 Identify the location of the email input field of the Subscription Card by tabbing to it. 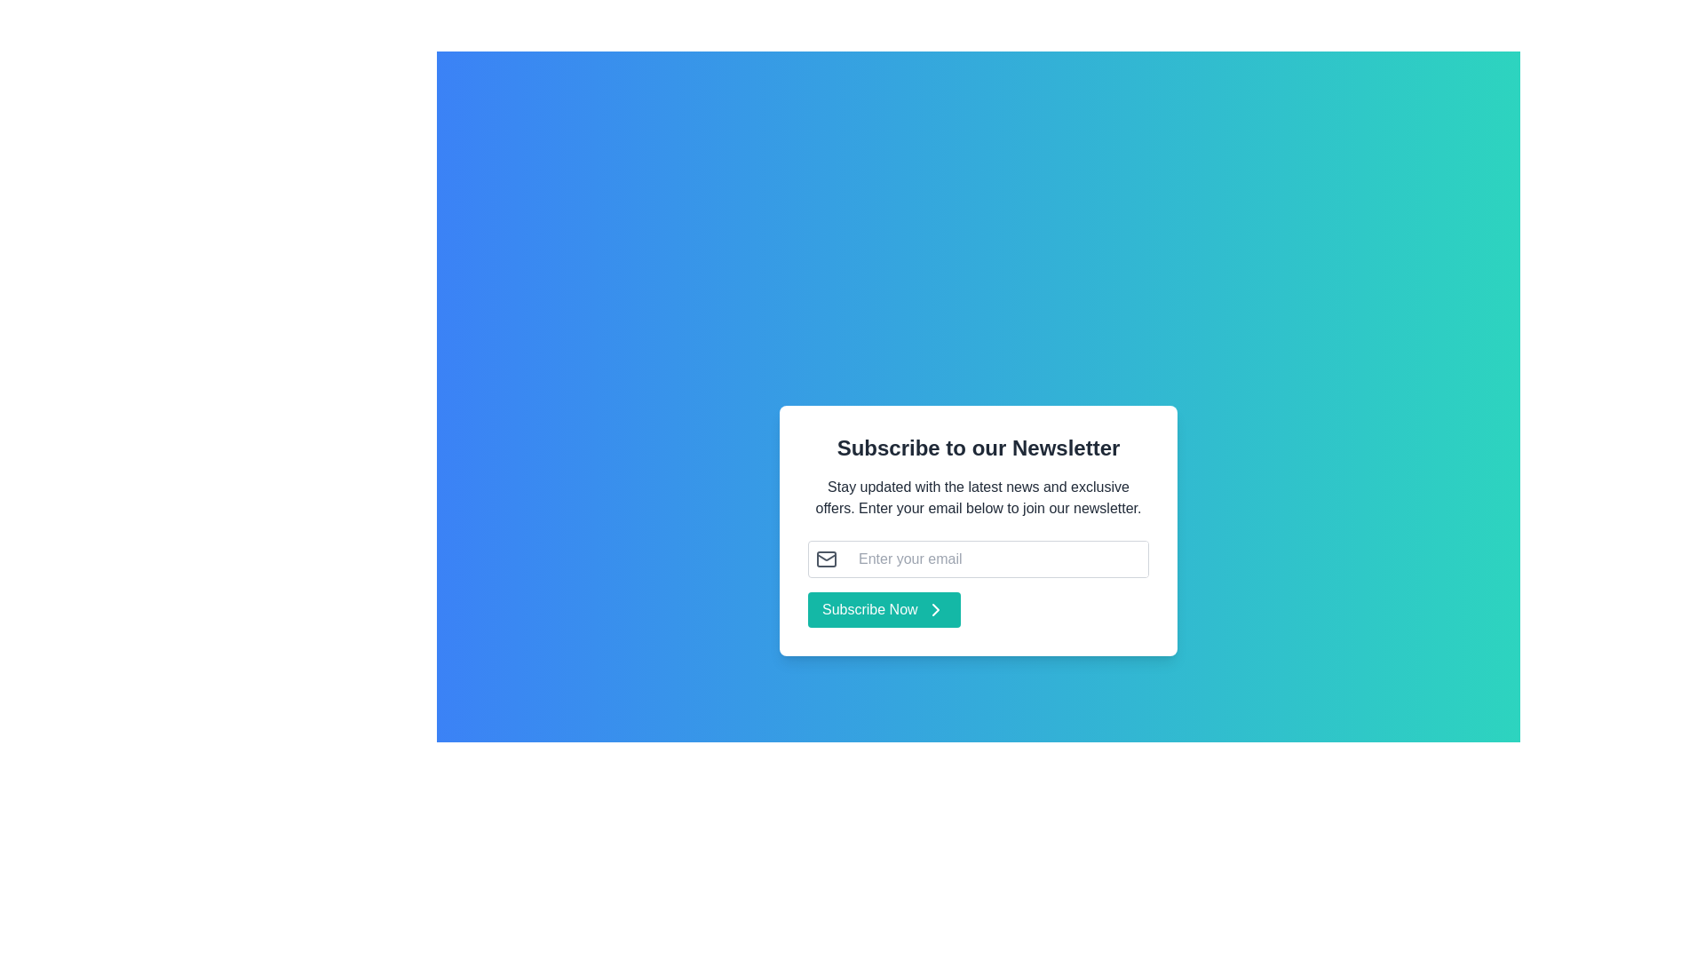
(978, 529).